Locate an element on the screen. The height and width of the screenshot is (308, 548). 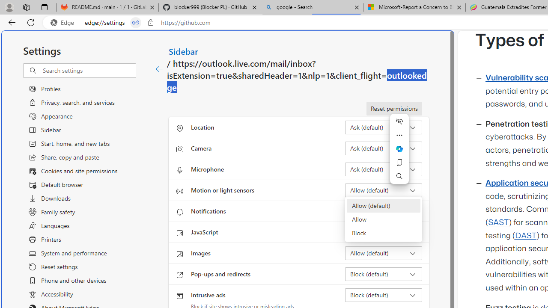
'Go back to Sidebar page.' is located at coordinates (159, 69).